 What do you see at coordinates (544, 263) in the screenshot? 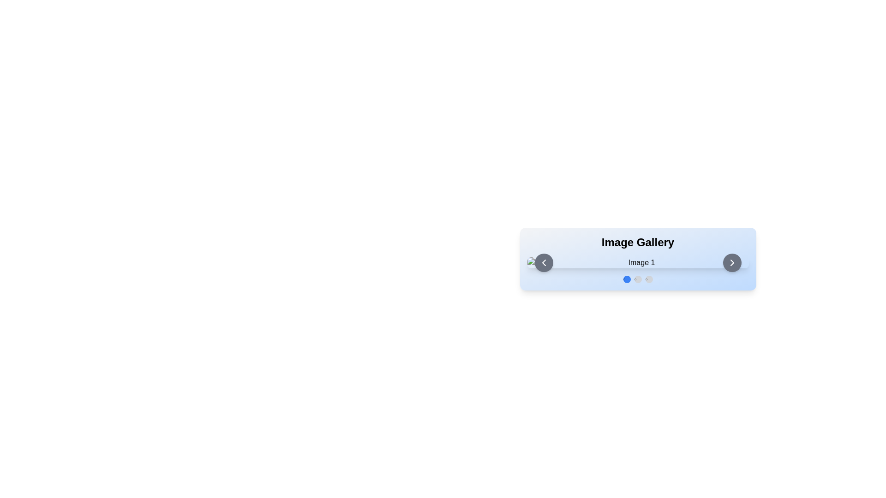
I see `the left-pointing chevron arrow icon located inside the left navigation button of the image gallery` at bounding box center [544, 263].